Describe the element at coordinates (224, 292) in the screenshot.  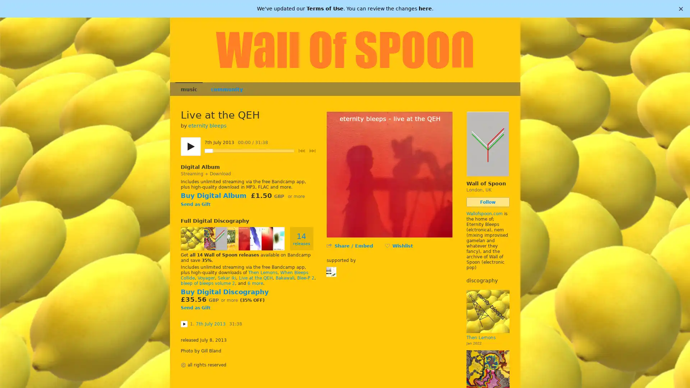
I see `Buy Digital Discography` at that location.